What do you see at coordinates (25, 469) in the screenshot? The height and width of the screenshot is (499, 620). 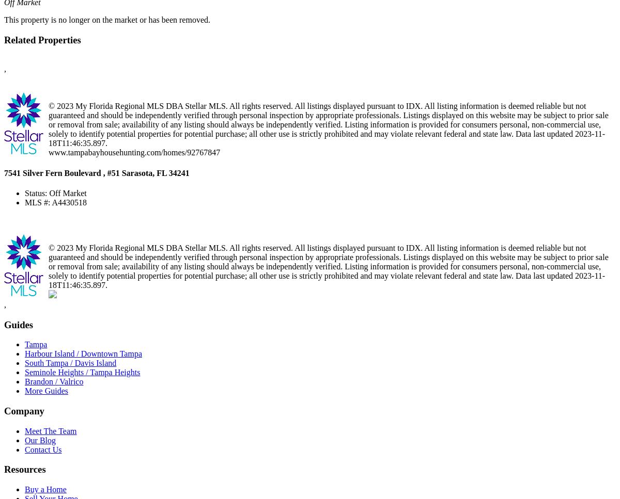 I see `'Resources'` at bounding box center [25, 469].